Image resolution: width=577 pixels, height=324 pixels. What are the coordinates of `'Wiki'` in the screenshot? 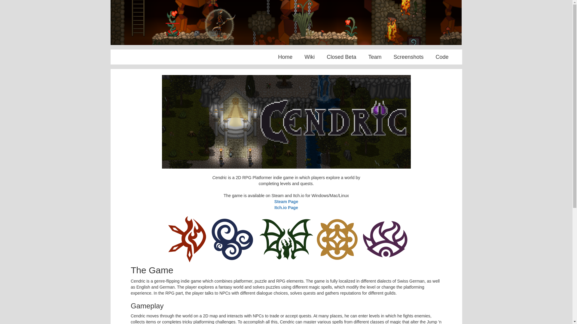 It's located at (304, 57).